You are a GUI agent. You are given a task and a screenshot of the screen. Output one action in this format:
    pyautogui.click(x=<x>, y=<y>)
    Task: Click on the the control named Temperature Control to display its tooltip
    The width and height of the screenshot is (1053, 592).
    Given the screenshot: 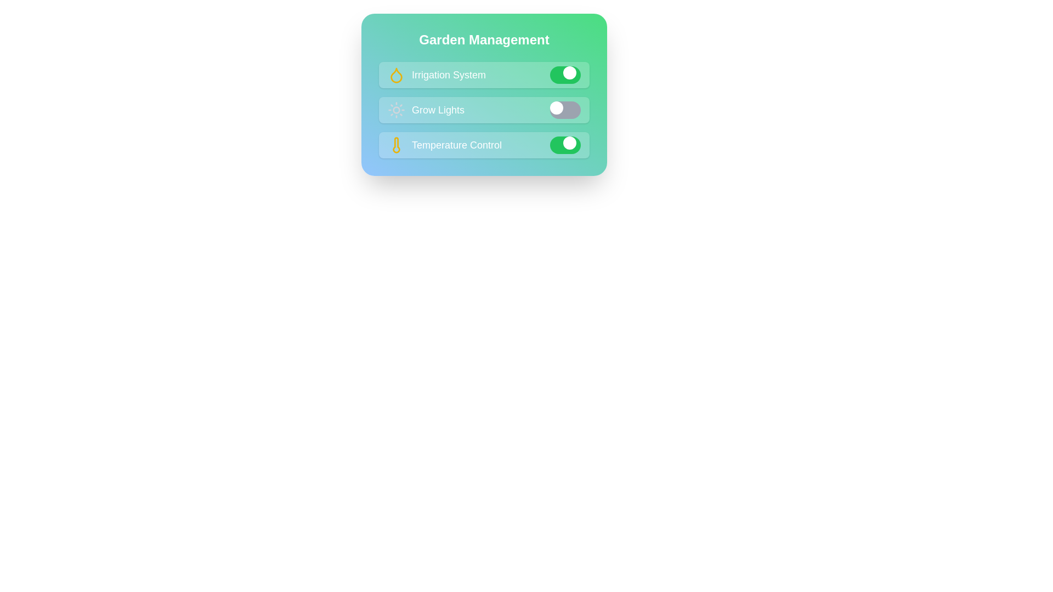 What is the action you would take?
    pyautogui.click(x=484, y=145)
    